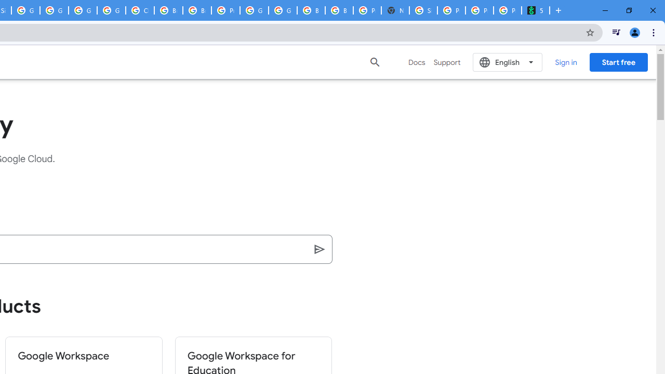 This screenshot has height=374, width=665. Describe the element at coordinates (254, 10) in the screenshot. I see `'Google Cloud Platform'` at that location.